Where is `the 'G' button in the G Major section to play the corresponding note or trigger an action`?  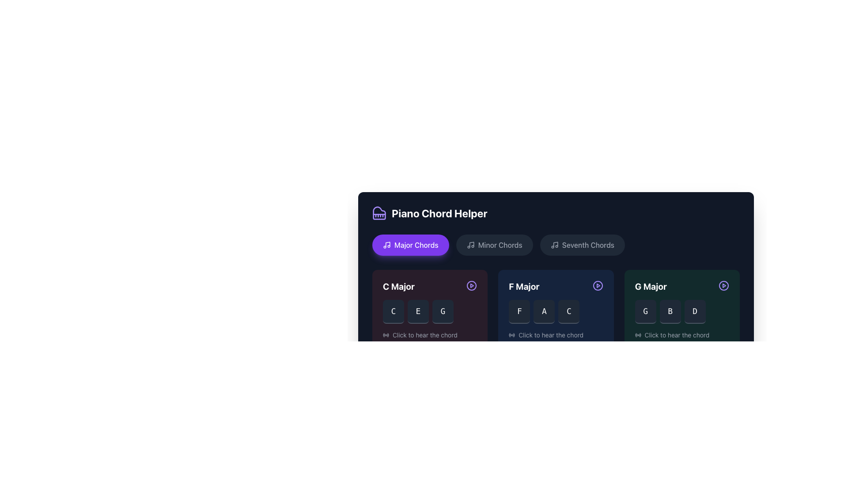 the 'G' button in the G Major section to play the corresponding note or trigger an action is located at coordinates (645, 311).